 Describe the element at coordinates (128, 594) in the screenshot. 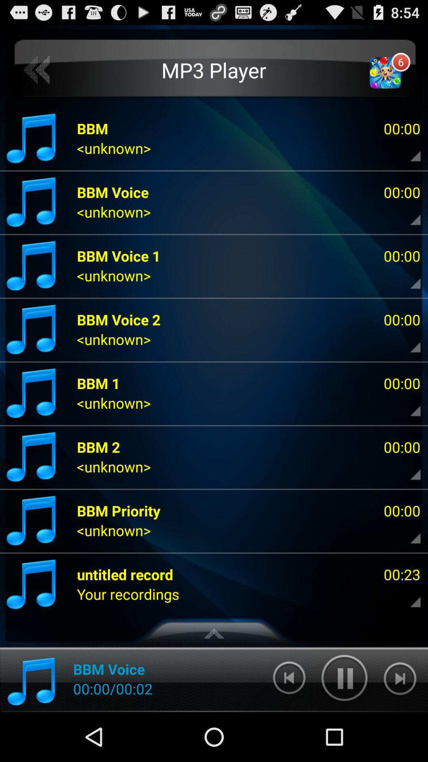

I see `app to the left of the 00:23 app` at that location.